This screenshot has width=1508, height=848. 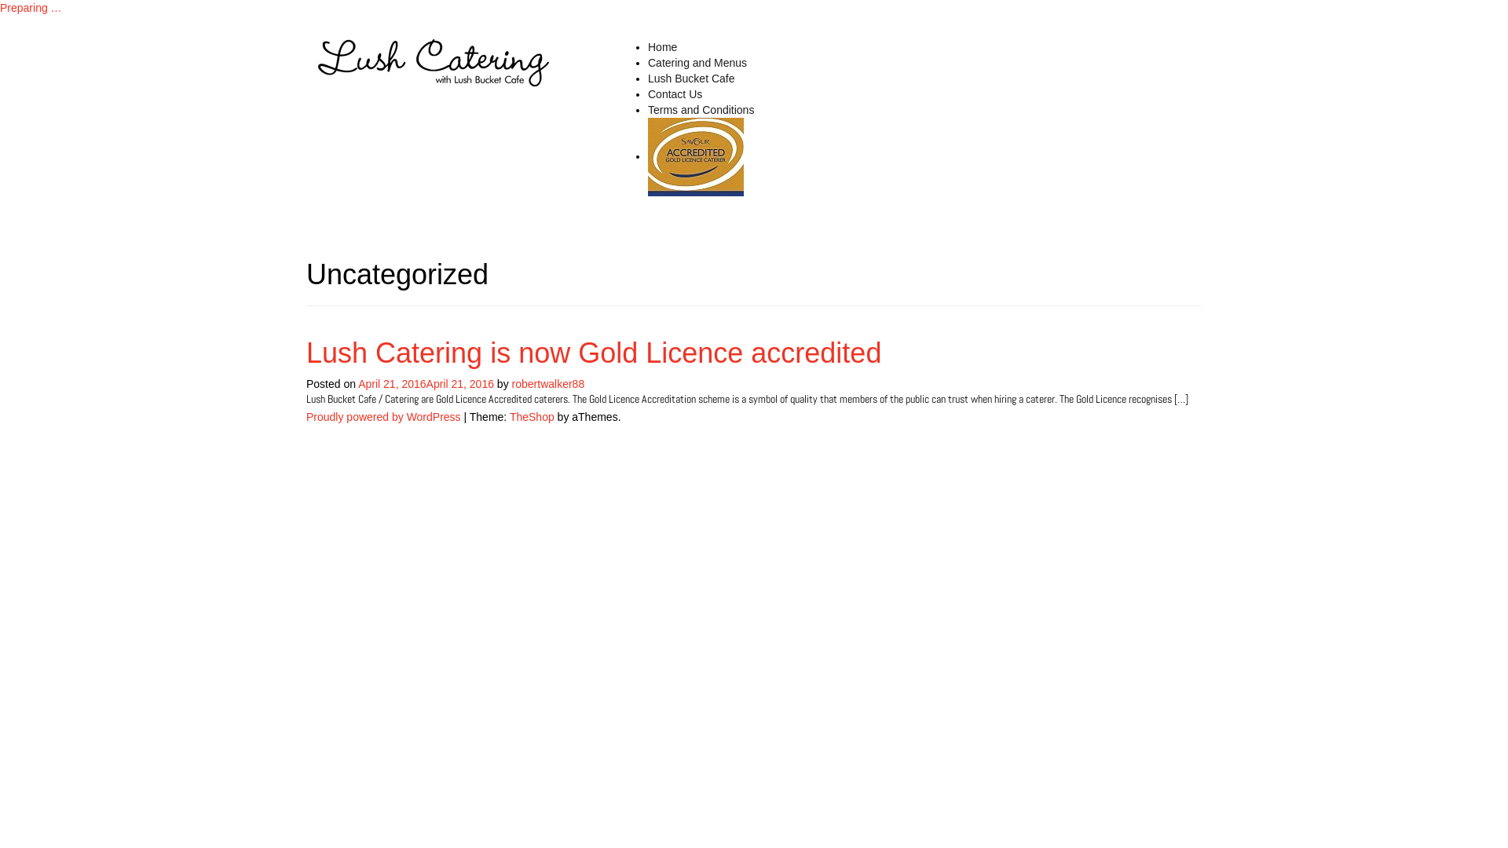 What do you see at coordinates (592, 352) in the screenshot?
I see `'Lush Catering is now Gold Licence accredited'` at bounding box center [592, 352].